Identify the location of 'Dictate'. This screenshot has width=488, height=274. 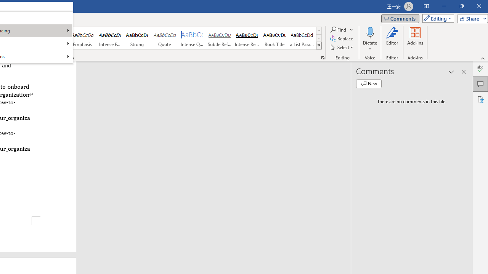
(370, 32).